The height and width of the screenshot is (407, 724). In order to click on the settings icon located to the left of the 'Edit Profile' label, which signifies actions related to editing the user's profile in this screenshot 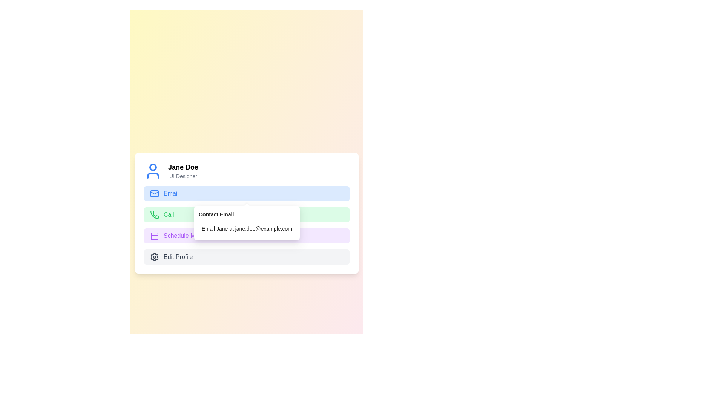, I will do `click(154, 257)`.